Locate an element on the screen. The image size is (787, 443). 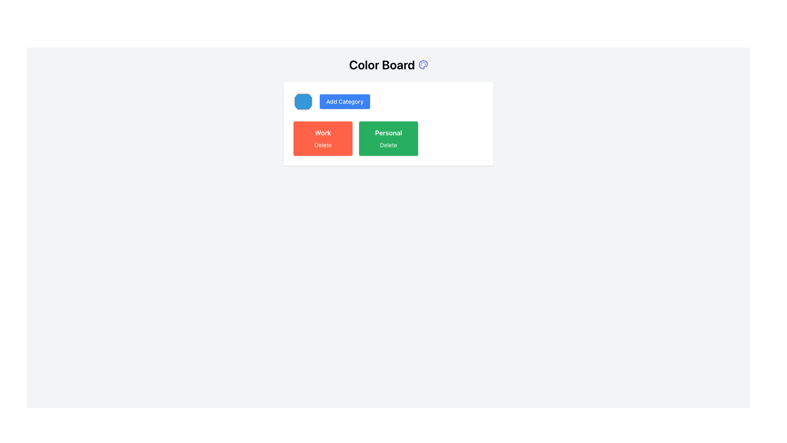
the delete button associated with the category titled 'Personal', which is the second text button located below the text 'Personal' in the green rectangular box is located at coordinates (388, 145).